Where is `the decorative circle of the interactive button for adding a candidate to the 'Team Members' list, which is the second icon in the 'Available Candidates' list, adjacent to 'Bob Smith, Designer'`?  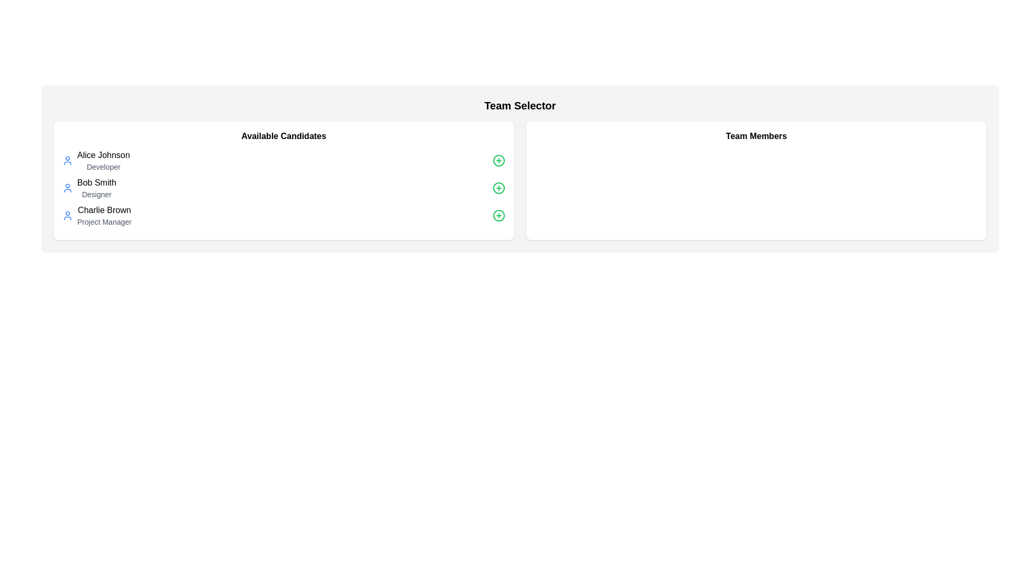 the decorative circle of the interactive button for adding a candidate to the 'Team Members' list, which is the second icon in the 'Available Candidates' list, adjacent to 'Bob Smith, Designer' is located at coordinates (498, 187).